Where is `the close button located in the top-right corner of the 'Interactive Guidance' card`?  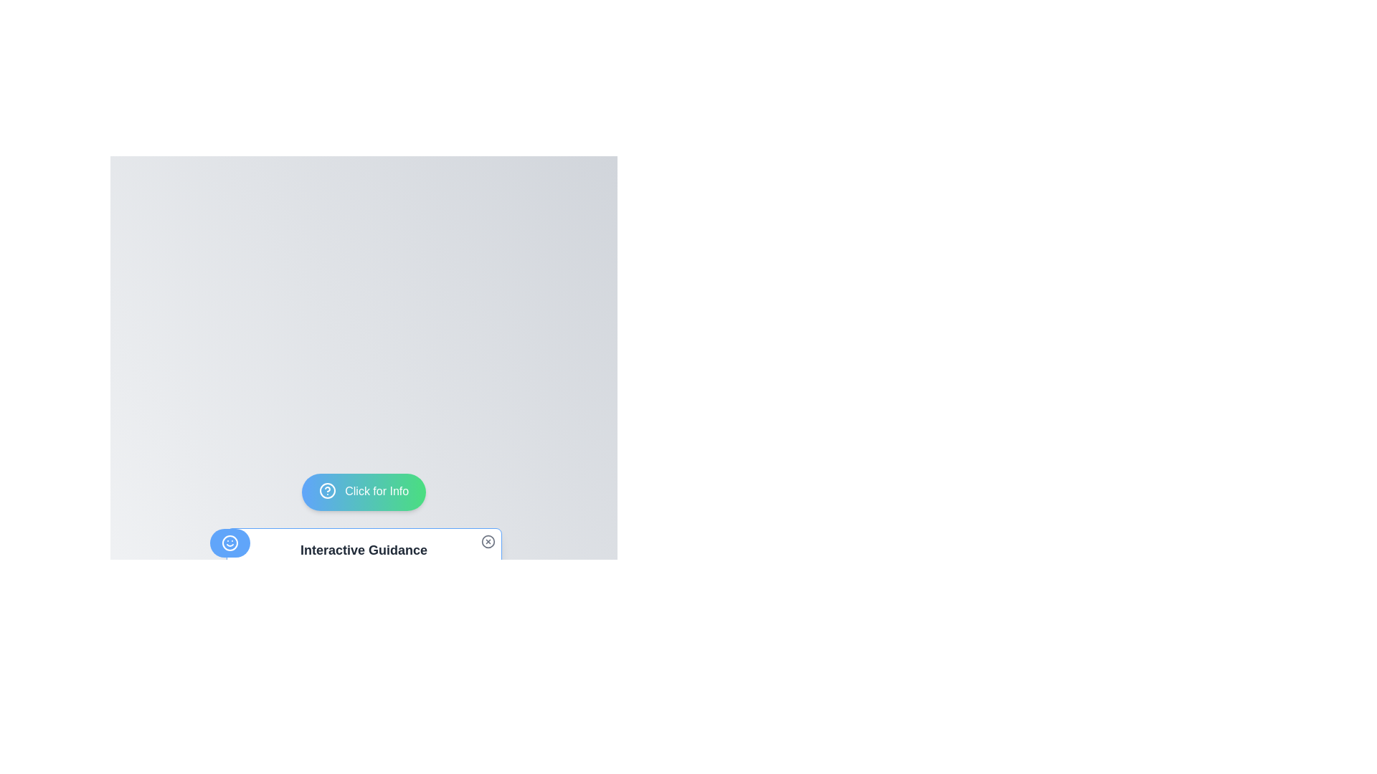 the close button located in the top-right corner of the 'Interactive Guidance' card is located at coordinates (488, 542).